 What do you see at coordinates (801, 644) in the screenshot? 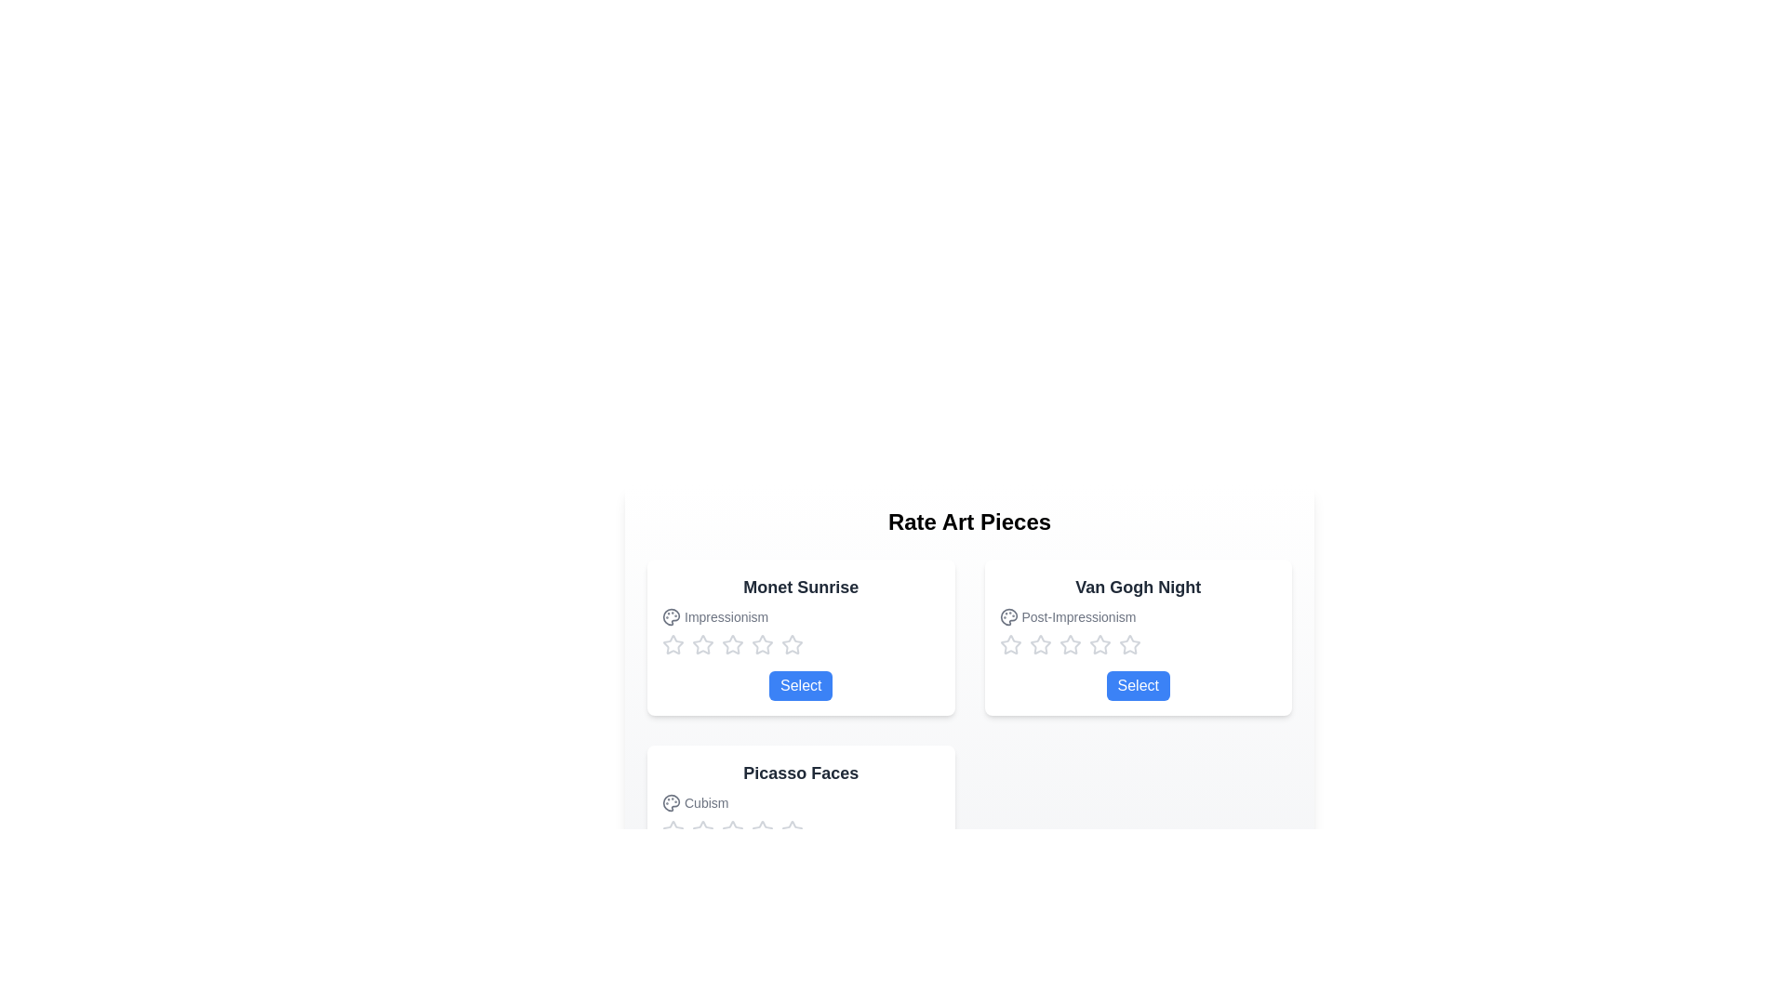
I see `one of the star icons in the rating component of the 'Monet Sunrise' card` at bounding box center [801, 644].